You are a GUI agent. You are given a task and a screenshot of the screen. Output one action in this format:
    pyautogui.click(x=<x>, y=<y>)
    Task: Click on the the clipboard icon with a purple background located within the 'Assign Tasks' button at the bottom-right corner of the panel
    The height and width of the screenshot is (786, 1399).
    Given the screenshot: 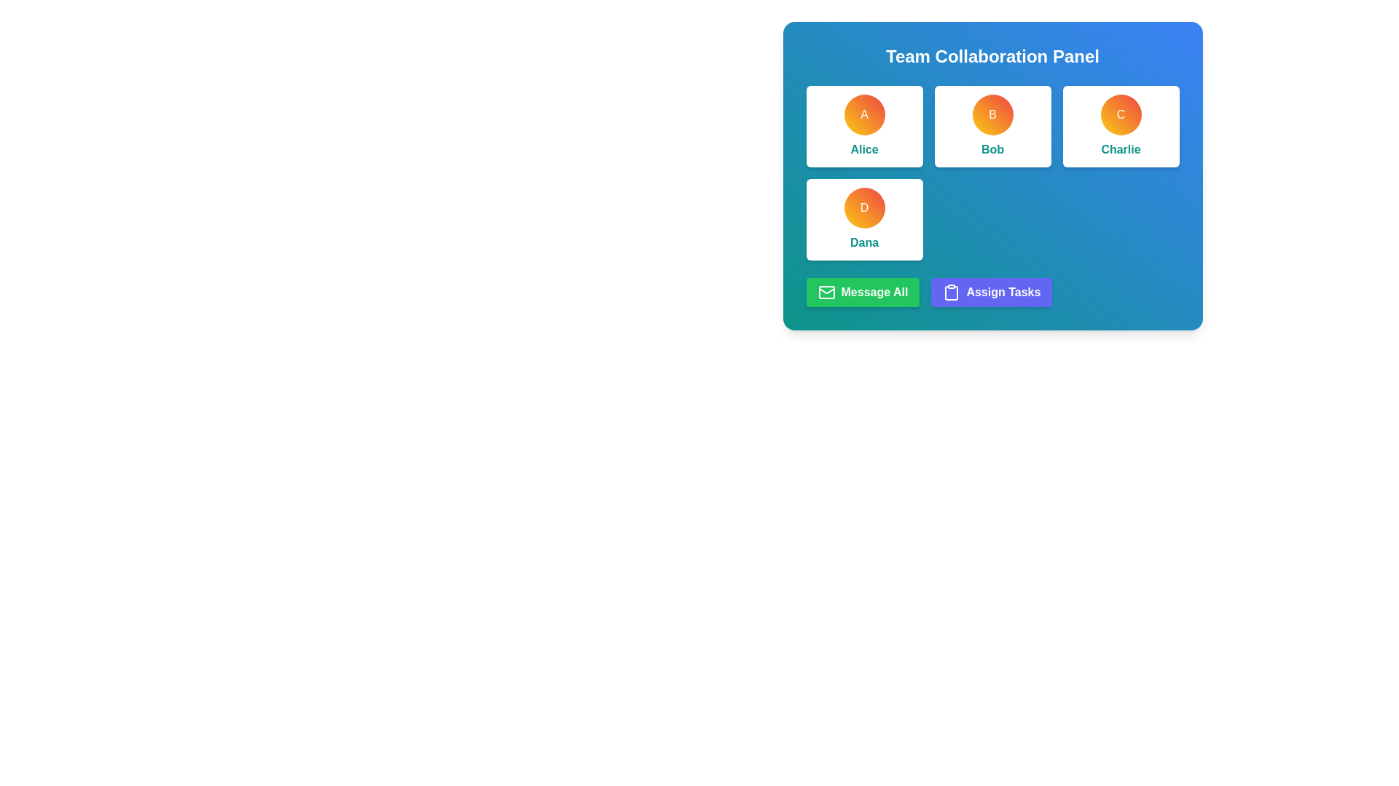 What is the action you would take?
    pyautogui.click(x=952, y=292)
    